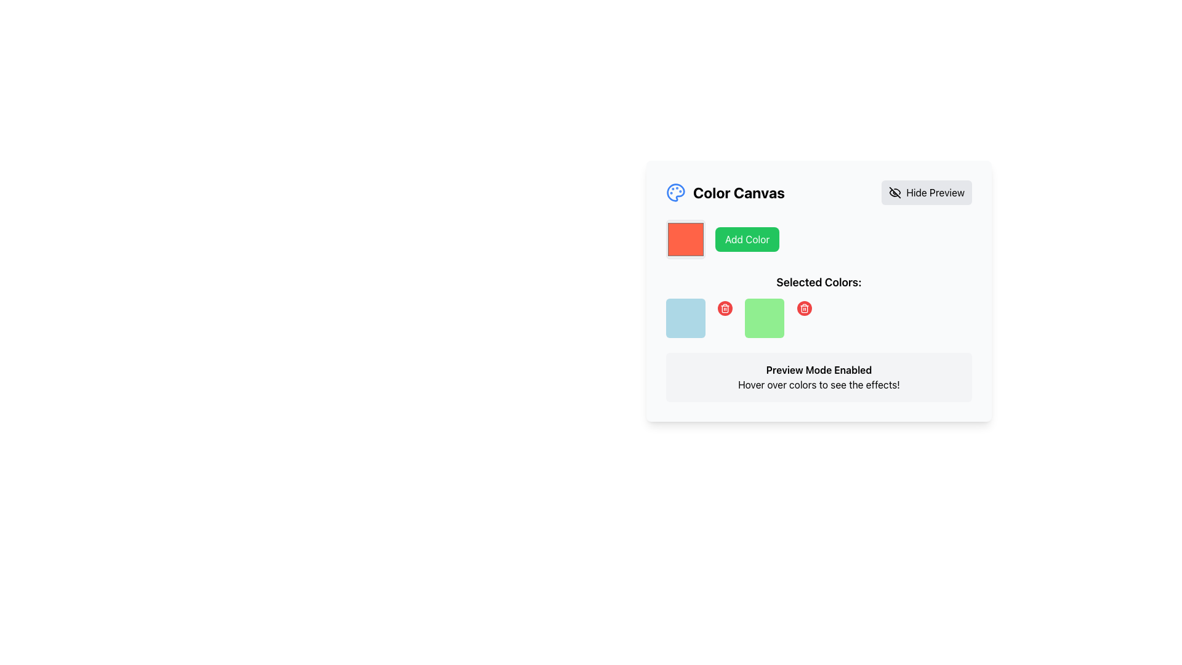 The width and height of the screenshot is (1182, 665). Describe the element at coordinates (819, 377) in the screenshot. I see `the Informative Text Block indicating that 'Preview Mode' is enabled and providing guidance to hover over colors` at that location.